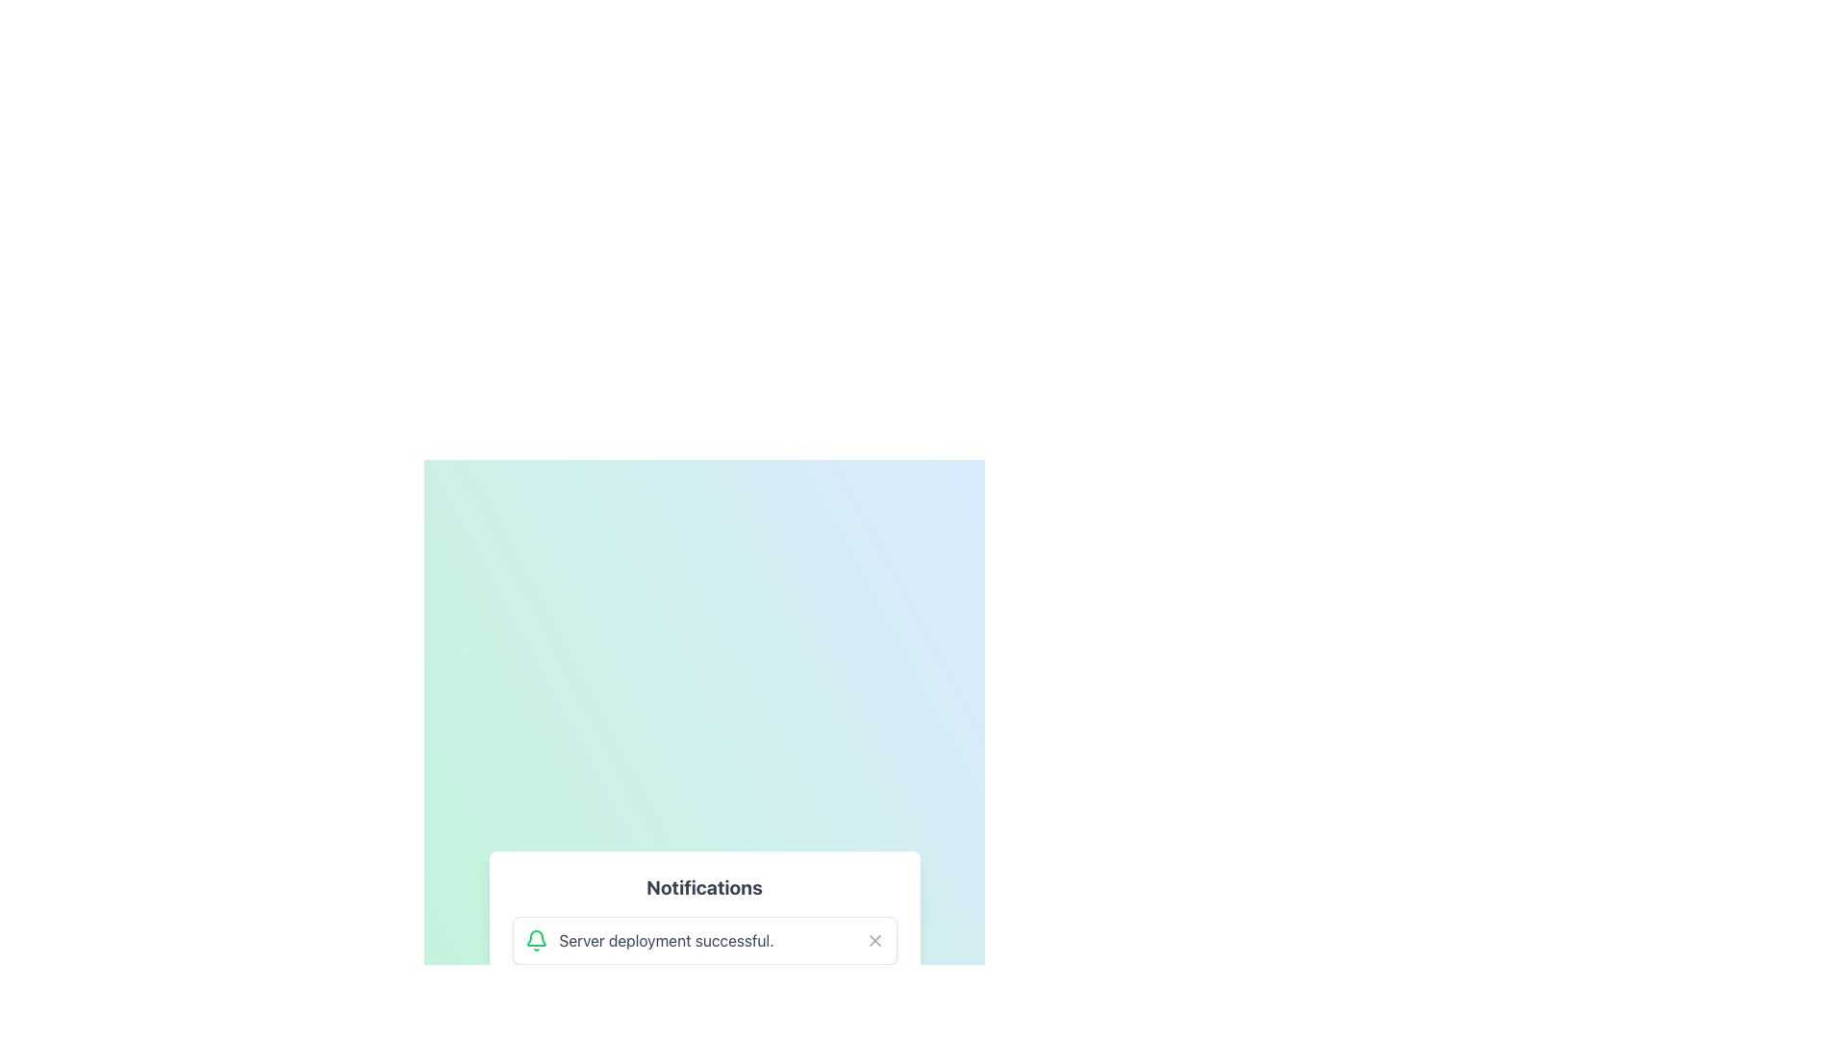 This screenshot has width=1847, height=1039. I want to click on the closing Vector icon located at the far right of the notification card, which is used to dismiss the notification, so click(873, 940).